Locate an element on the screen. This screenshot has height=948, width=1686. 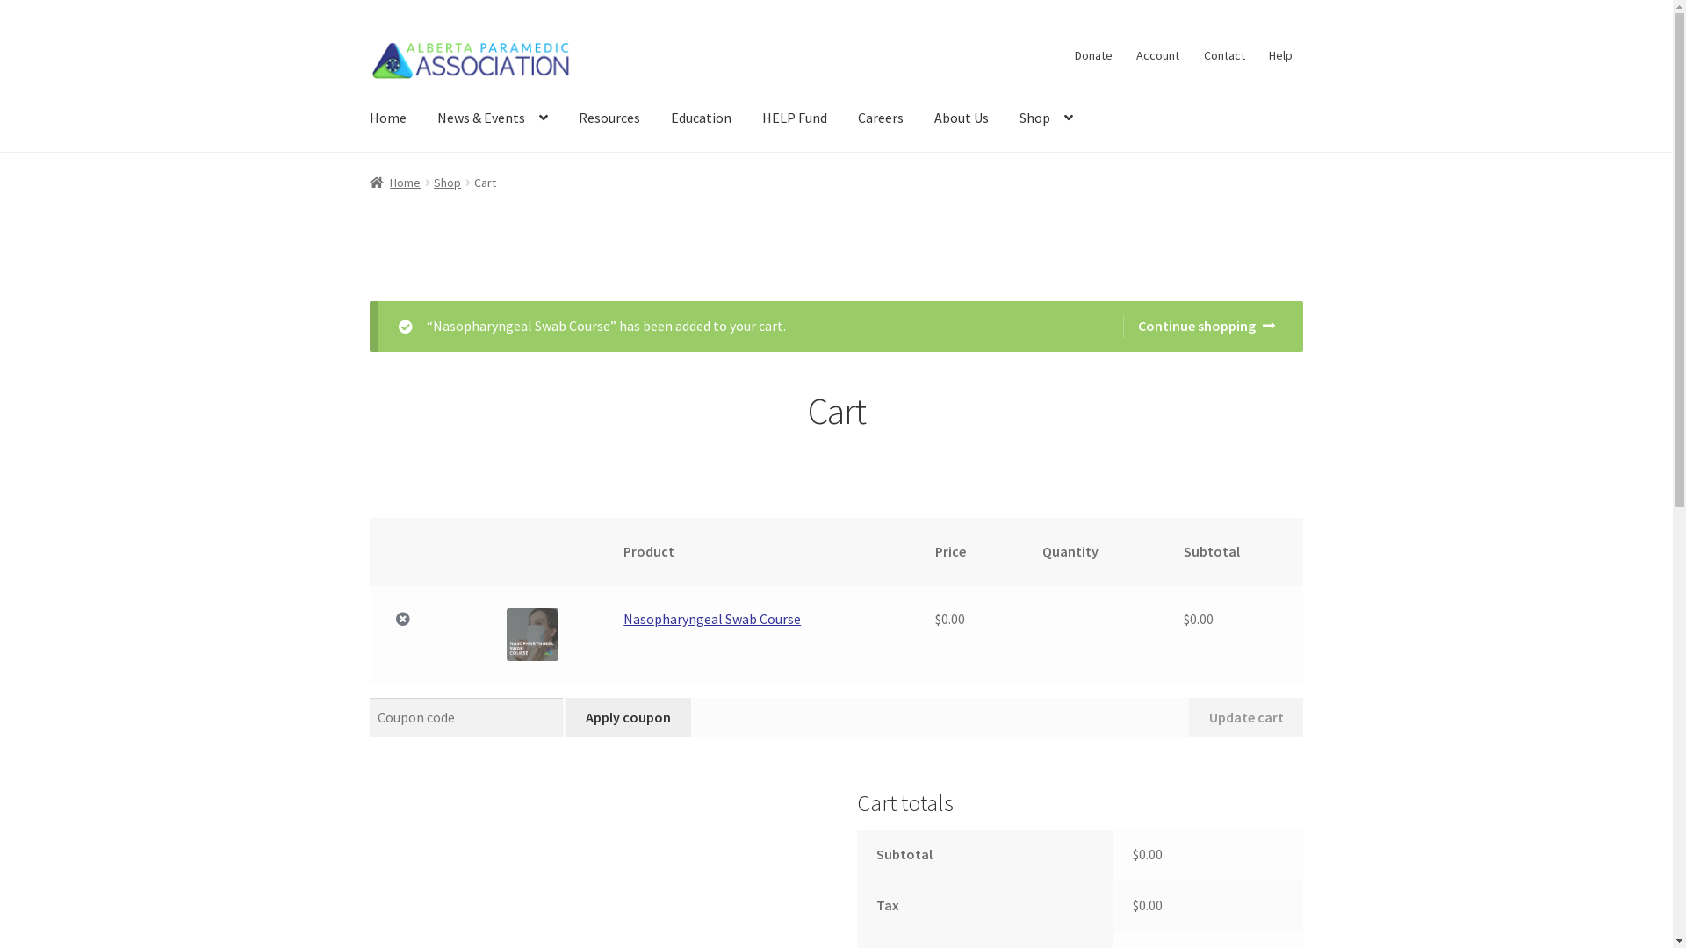
'Continue shopping' is located at coordinates (1199, 326).